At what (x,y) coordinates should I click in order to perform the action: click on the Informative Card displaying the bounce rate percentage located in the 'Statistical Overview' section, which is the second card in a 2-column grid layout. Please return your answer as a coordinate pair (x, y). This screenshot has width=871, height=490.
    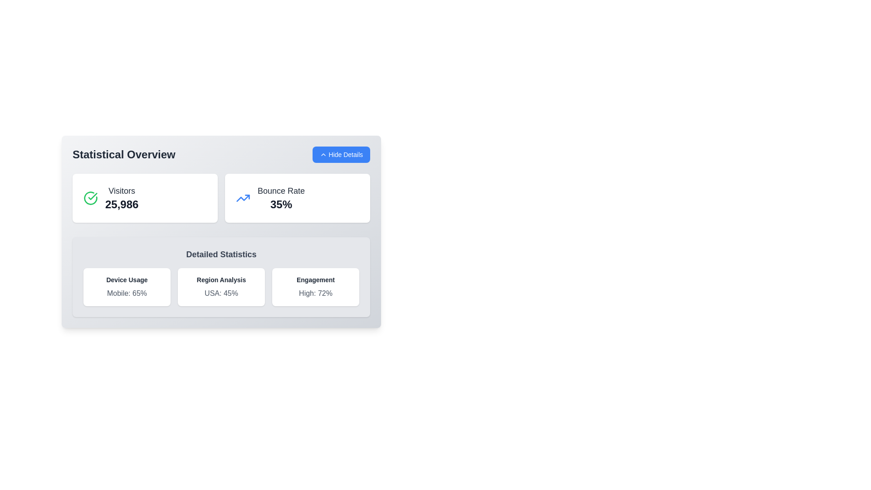
    Looking at the image, I should click on (298, 197).